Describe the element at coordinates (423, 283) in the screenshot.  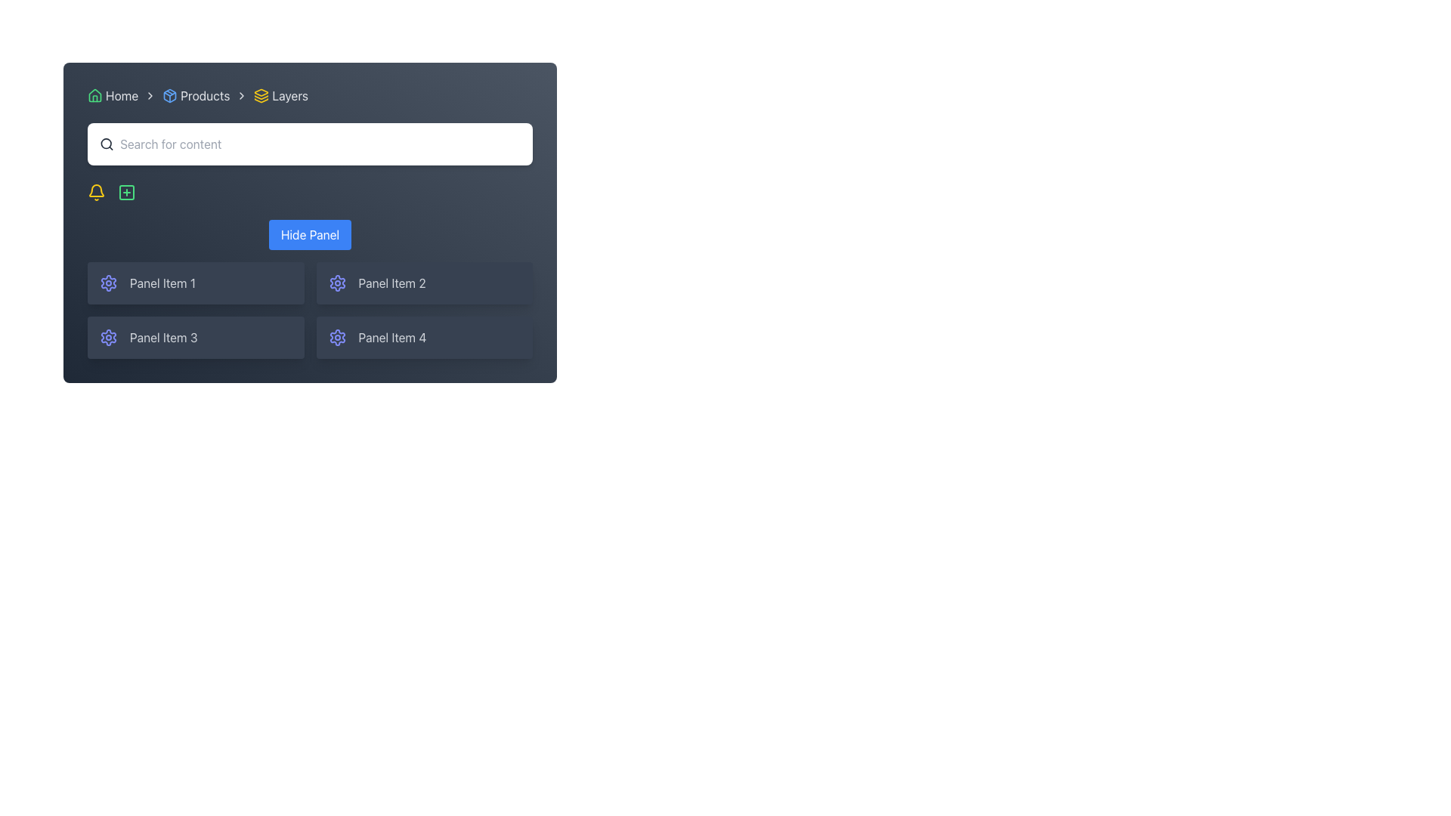
I see `the second item in the grid panel located in the top-right corner` at that location.